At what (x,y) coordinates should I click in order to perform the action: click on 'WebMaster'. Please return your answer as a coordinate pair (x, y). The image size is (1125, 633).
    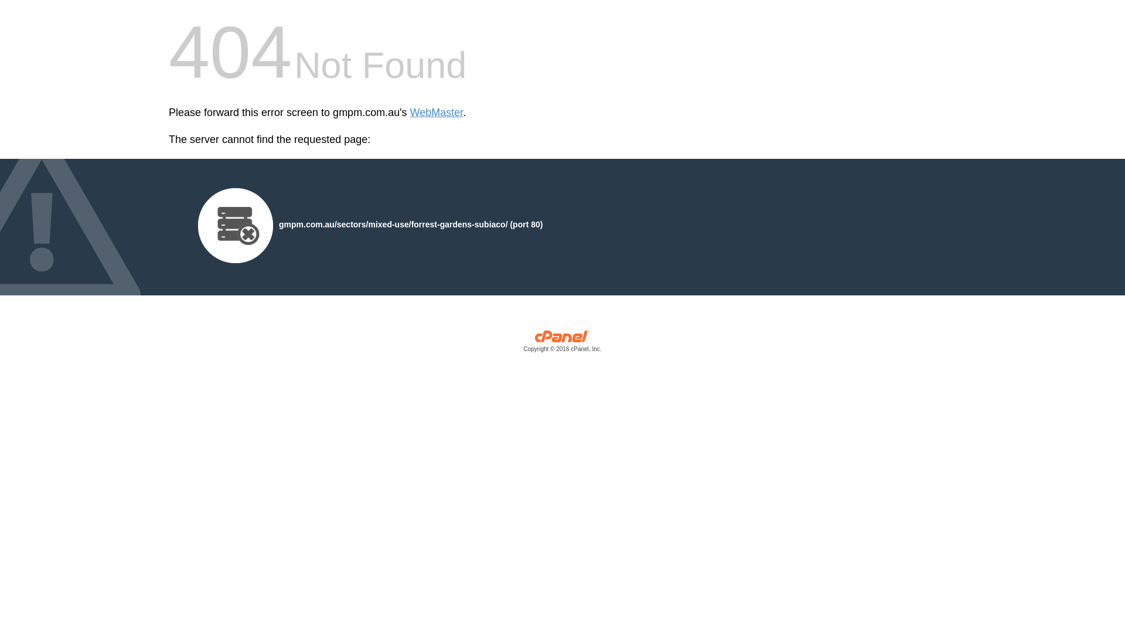
    Looking at the image, I should click on (436, 113).